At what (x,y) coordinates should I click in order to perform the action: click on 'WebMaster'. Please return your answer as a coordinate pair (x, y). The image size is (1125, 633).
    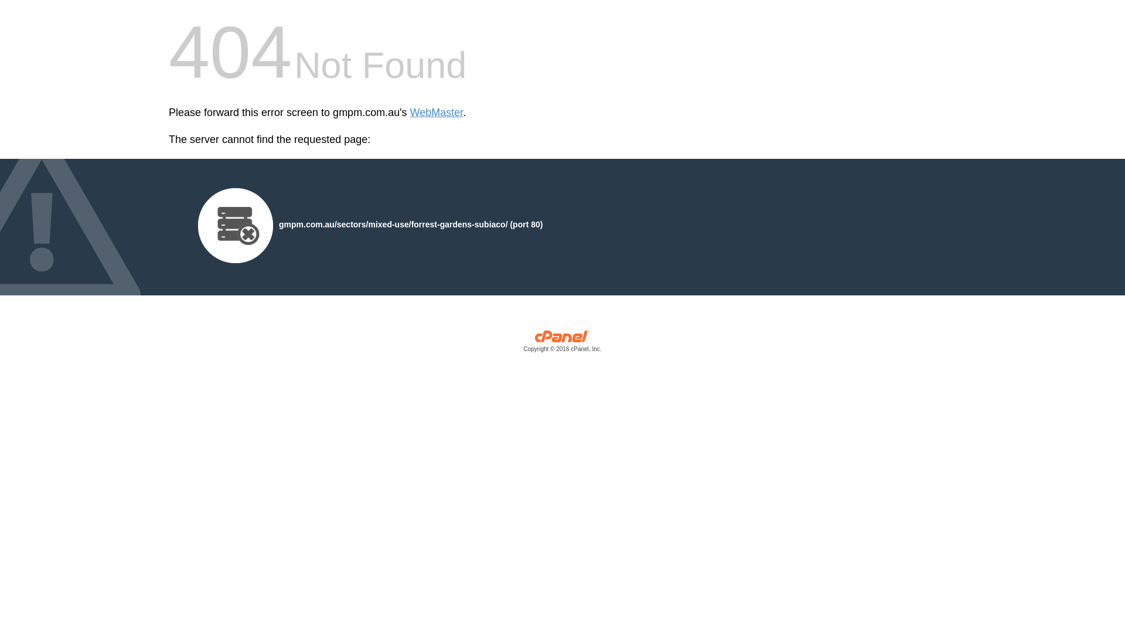
    Looking at the image, I should click on (436, 113).